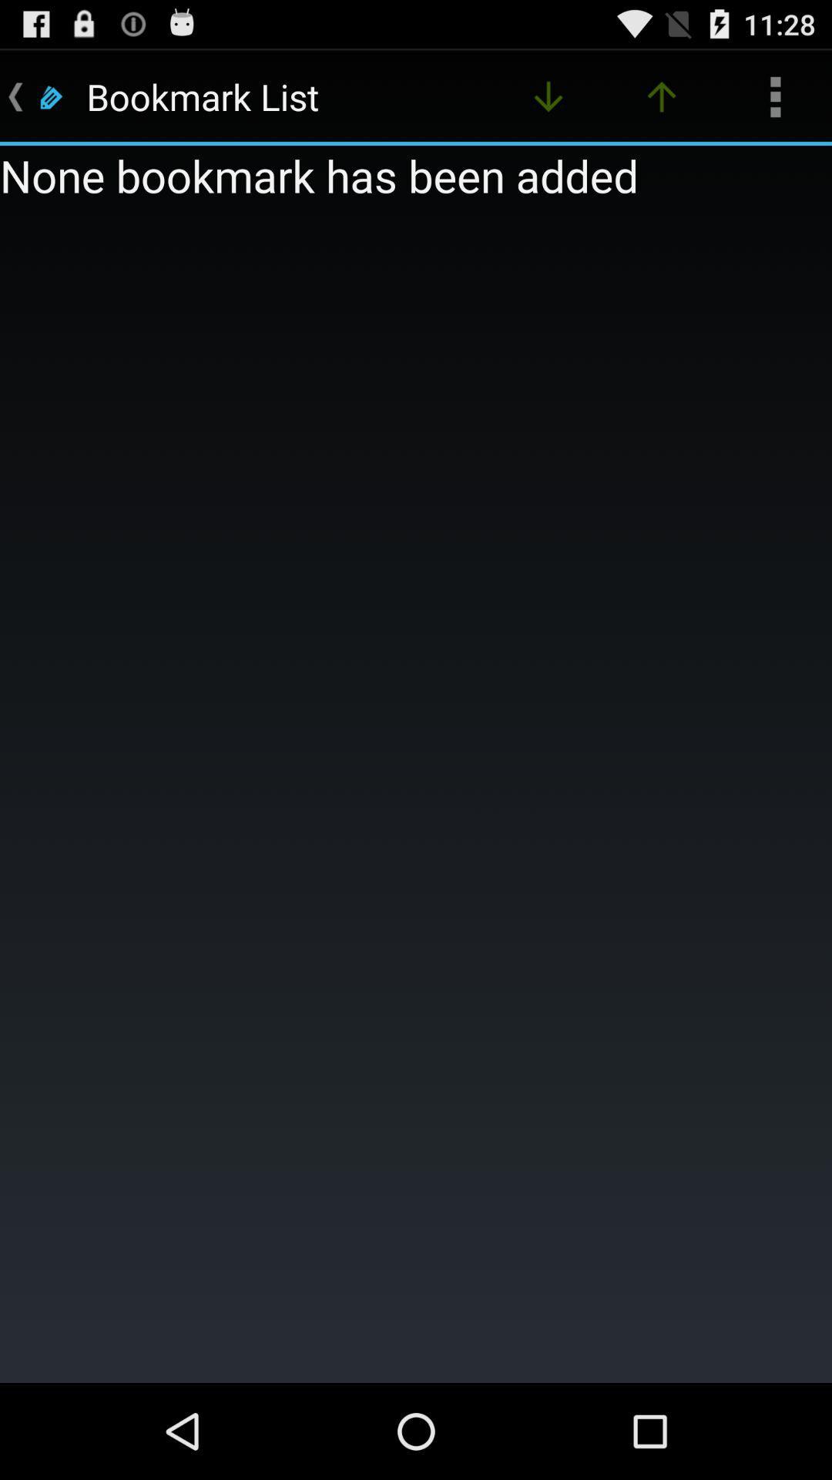  What do you see at coordinates (775, 96) in the screenshot?
I see `icon above none bookmark has` at bounding box center [775, 96].